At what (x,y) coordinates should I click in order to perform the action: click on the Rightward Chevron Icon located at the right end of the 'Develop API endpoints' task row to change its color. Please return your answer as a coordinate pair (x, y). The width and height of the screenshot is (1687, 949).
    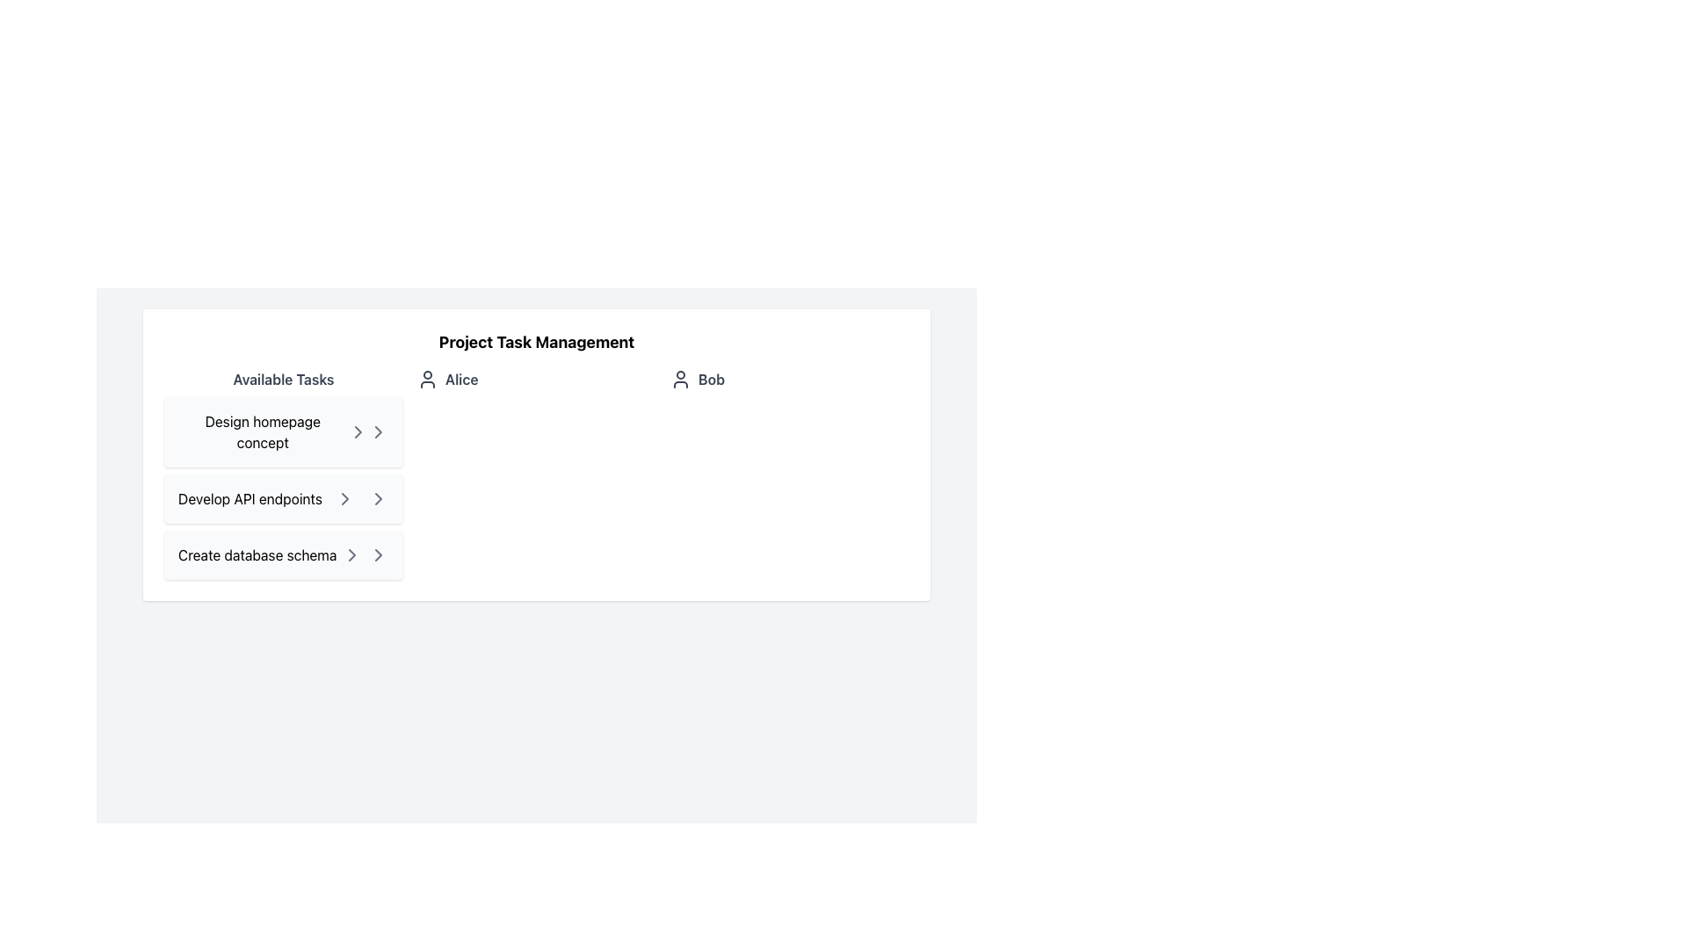
    Looking at the image, I should click on (378, 498).